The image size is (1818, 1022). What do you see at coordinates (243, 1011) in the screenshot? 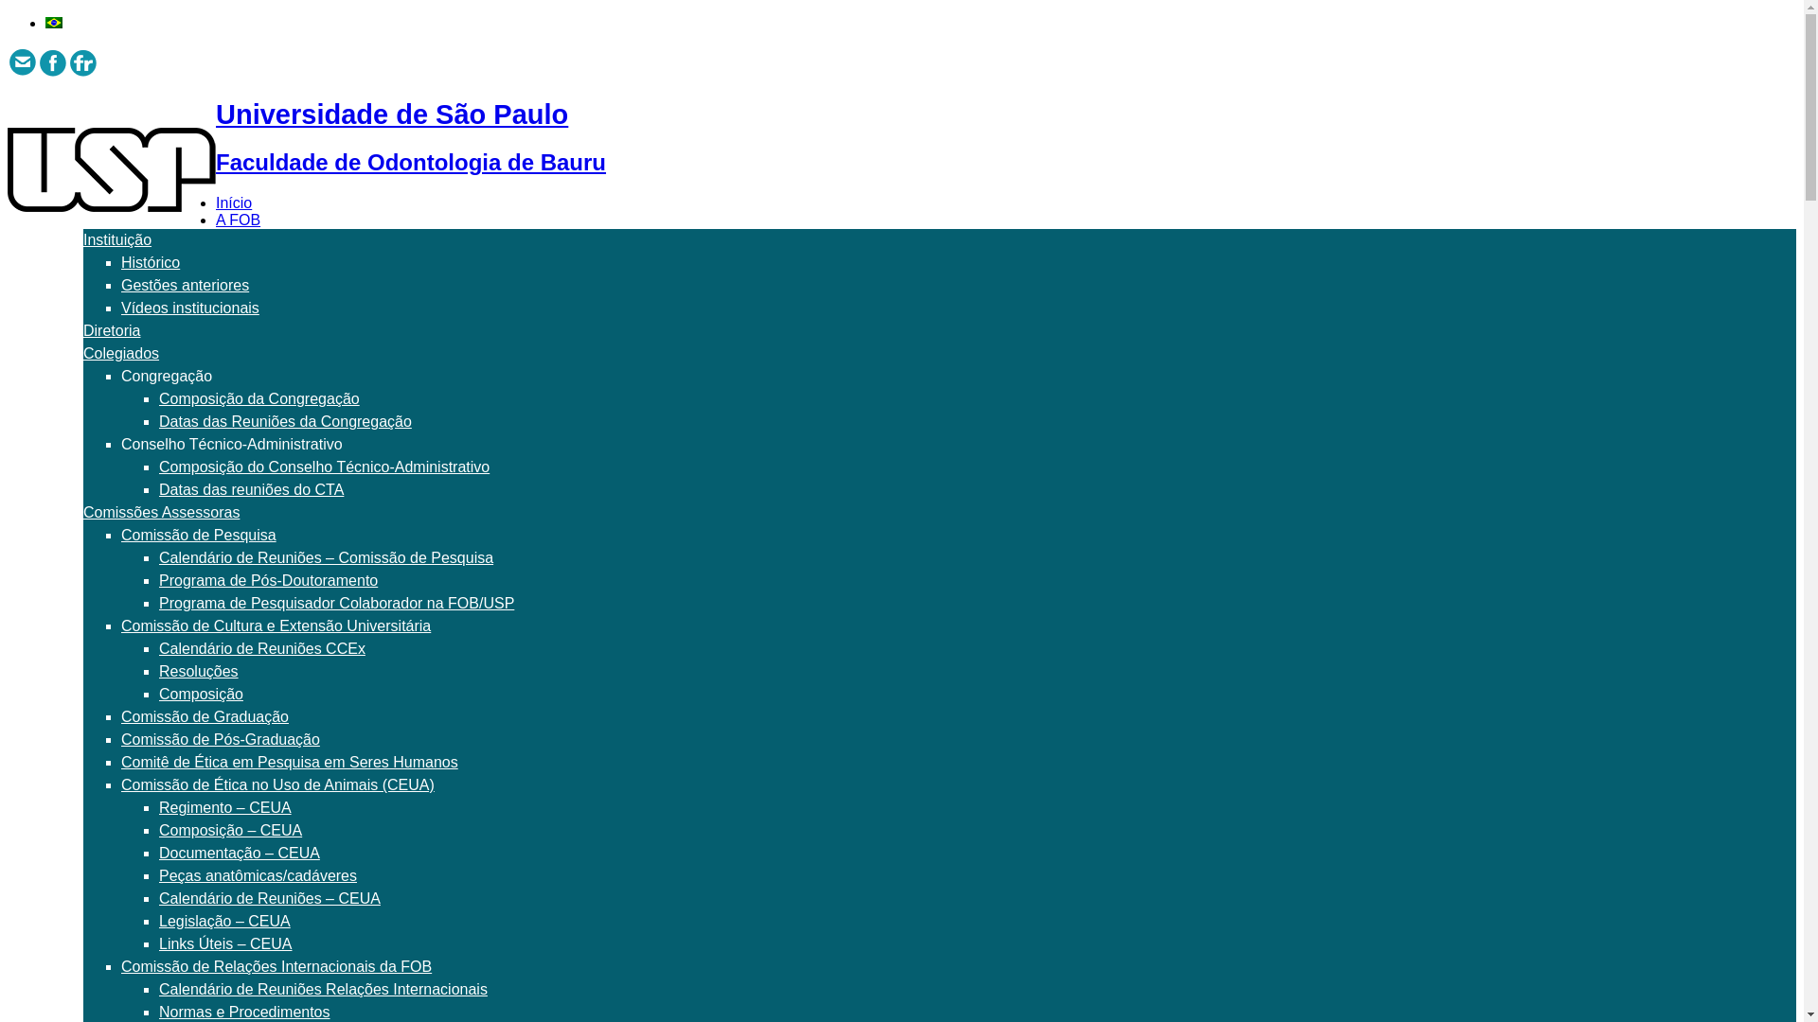
I see `'Normas e Procedimentos'` at bounding box center [243, 1011].